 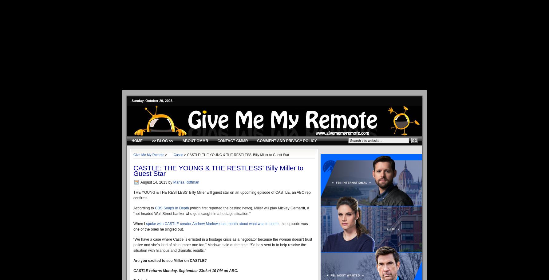 I want to click on 'Are you excited to see Miller on CASTLE?', so click(x=133, y=260).